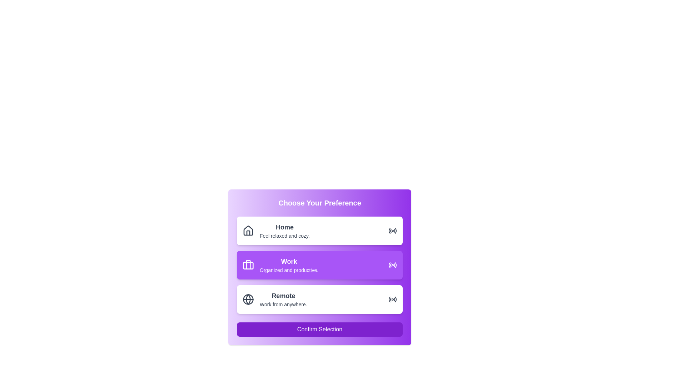 The height and width of the screenshot is (386, 686). I want to click on the decorative graphical element representing the 'Remote' option, located to the left of the text 'Remote' and 'Work from anywhere.' in the lower card of a three-card vertical layout, so click(248, 299).